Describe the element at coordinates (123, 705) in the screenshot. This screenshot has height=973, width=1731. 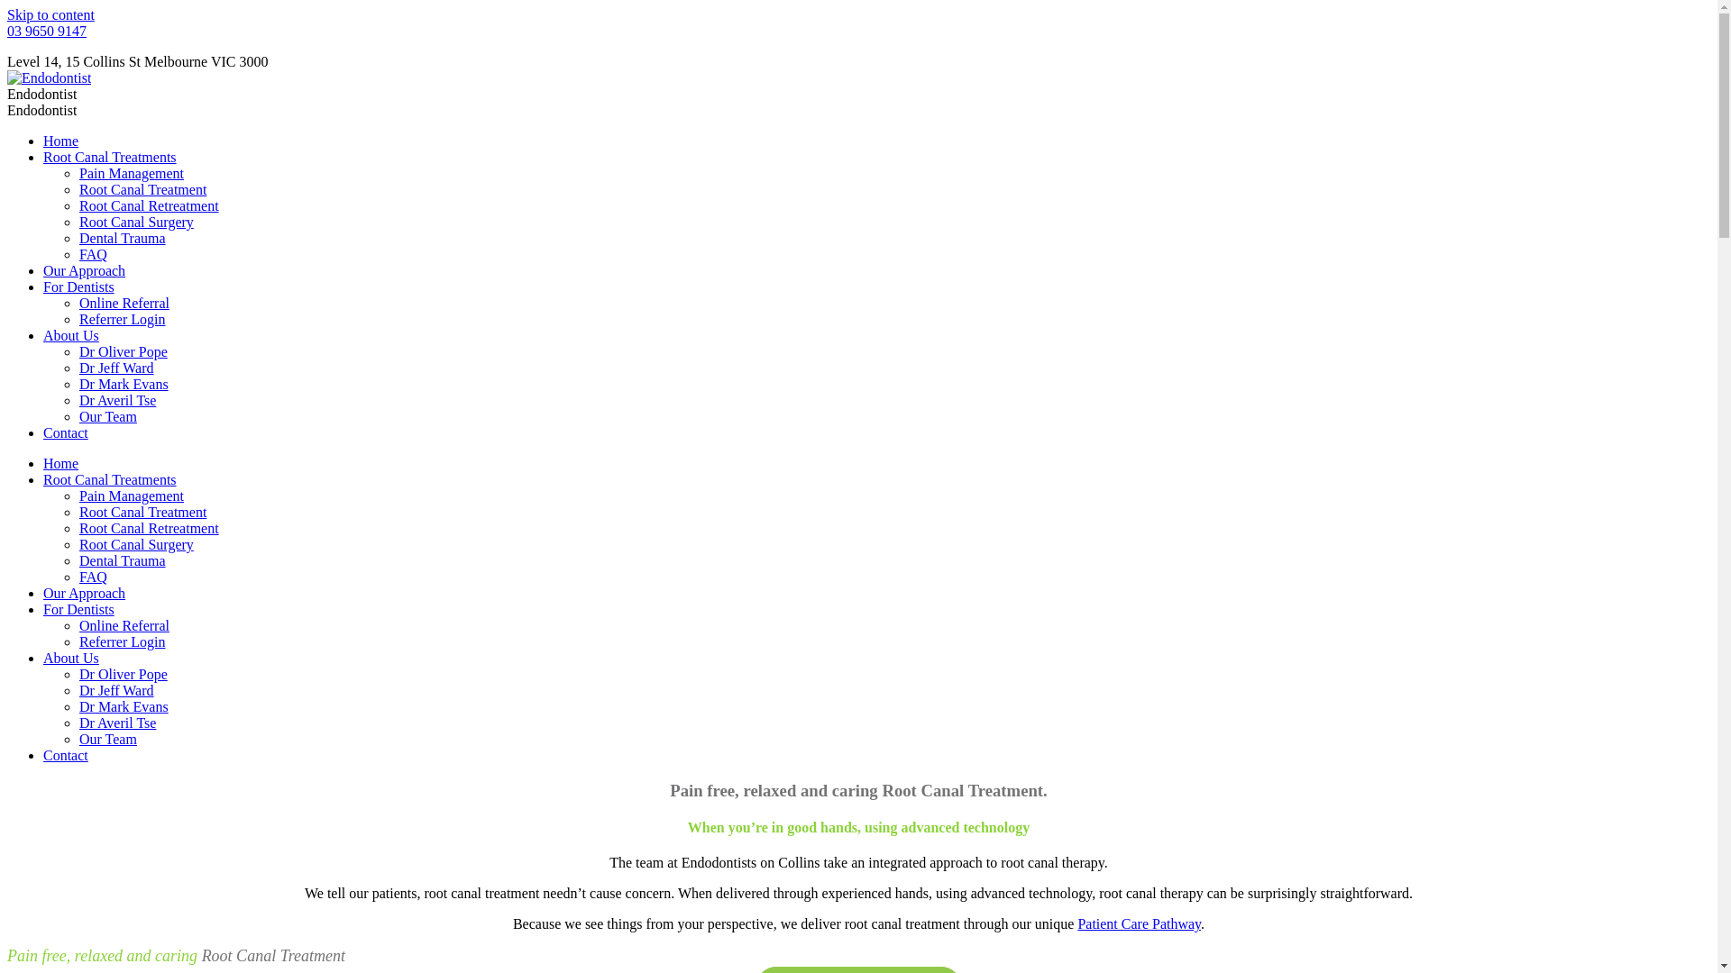
I see `'Dr Mark Evans'` at that location.